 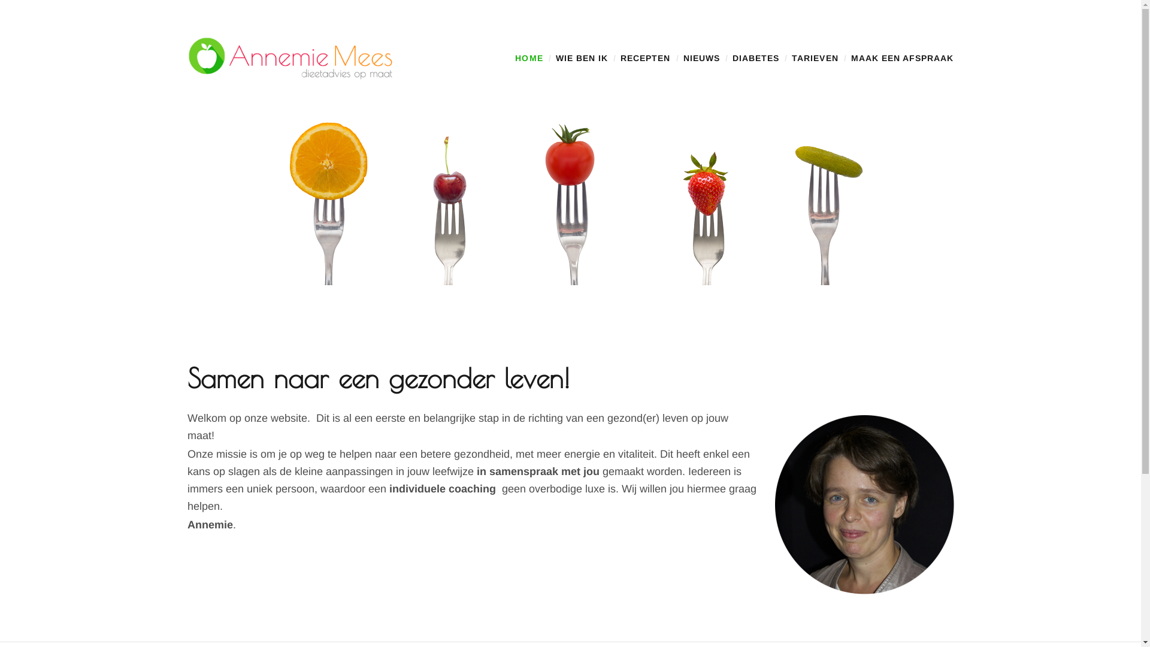 What do you see at coordinates (701, 58) in the screenshot?
I see `'NIEUWS'` at bounding box center [701, 58].